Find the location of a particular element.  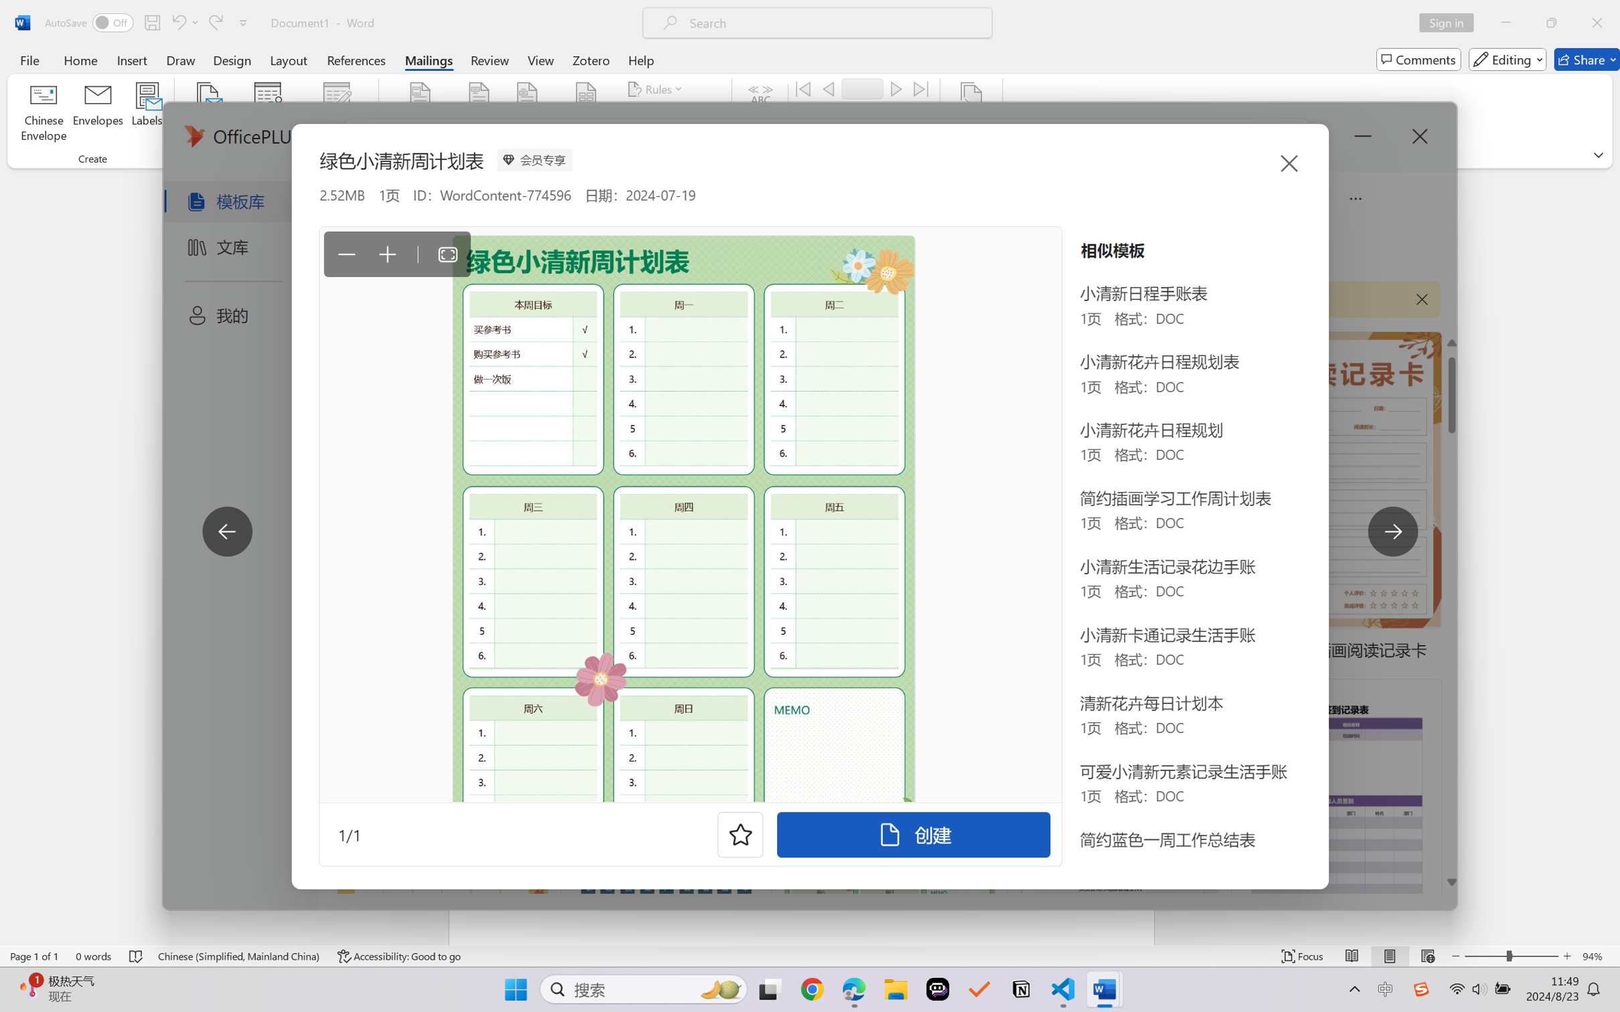

'Undo Apply Quick Style Set' is located at coordinates (183, 22).